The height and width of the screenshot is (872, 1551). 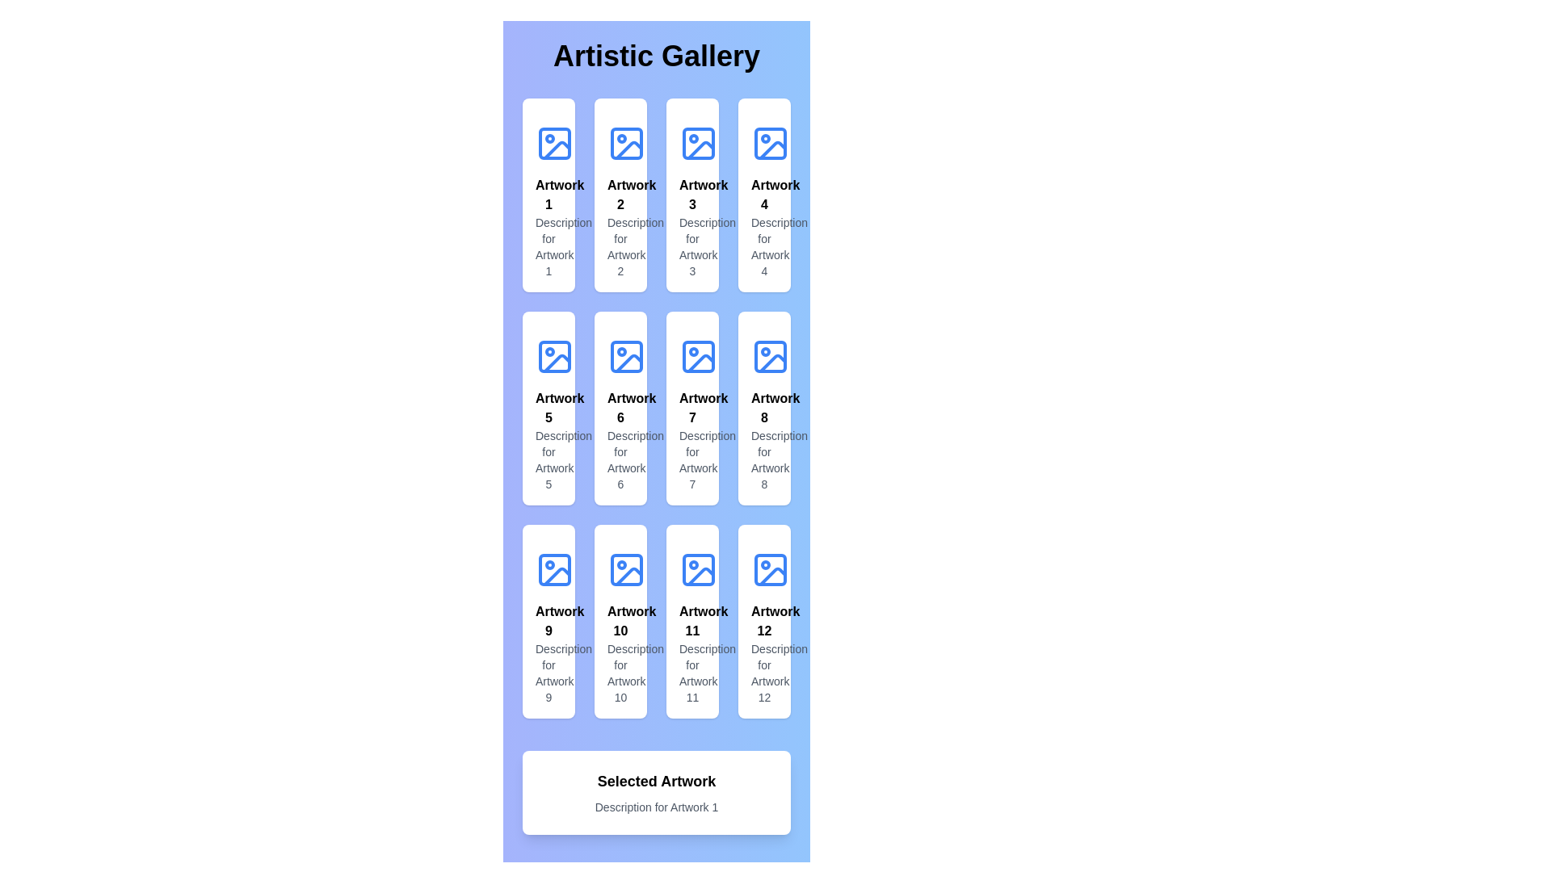 I want to click on the visual representative icon for 'Artwork 12', which is located in the fourth column of the last visible row in the grid layout, so click(x=770, y=568).